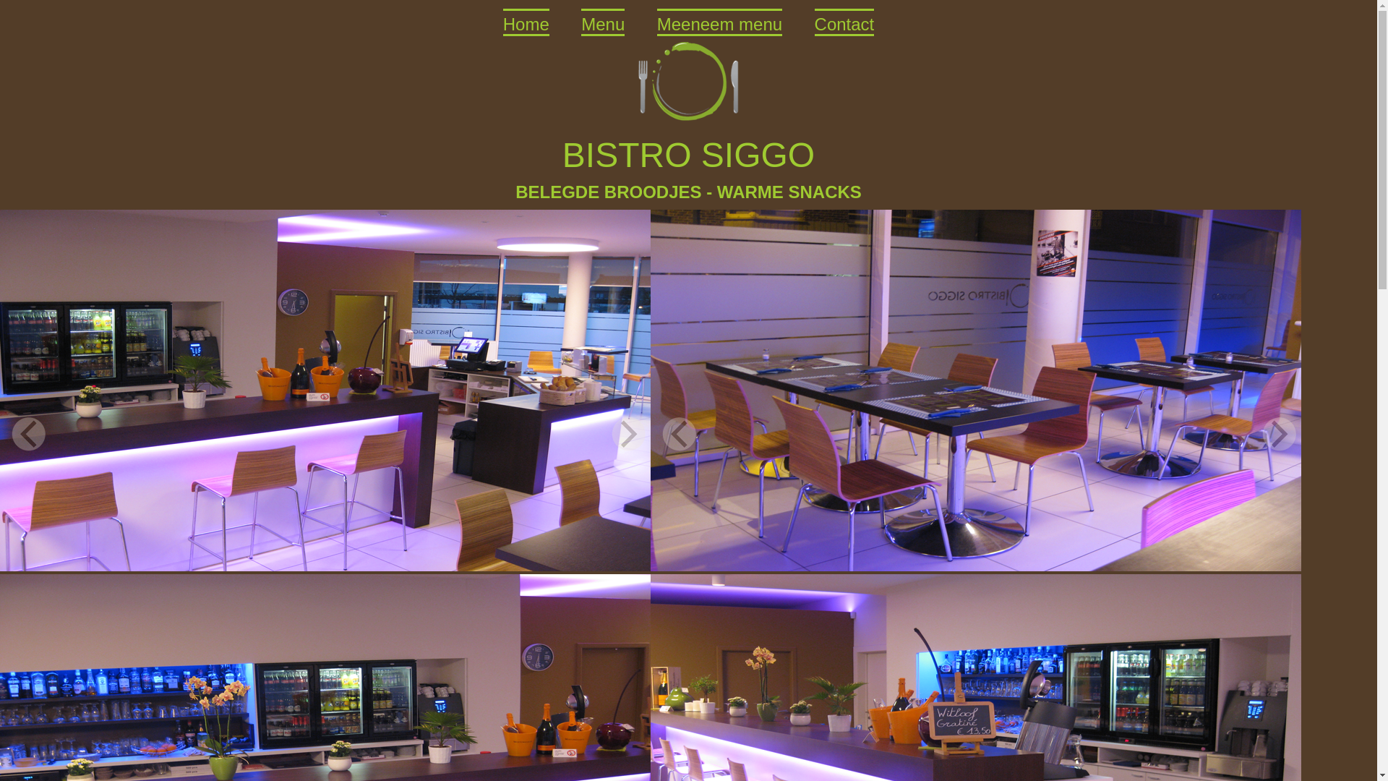 The height and width of the screenshot is (781, 1388). Describe the element at coordinates (526, 22) in the screenshot. I see `'Home'` at that location.